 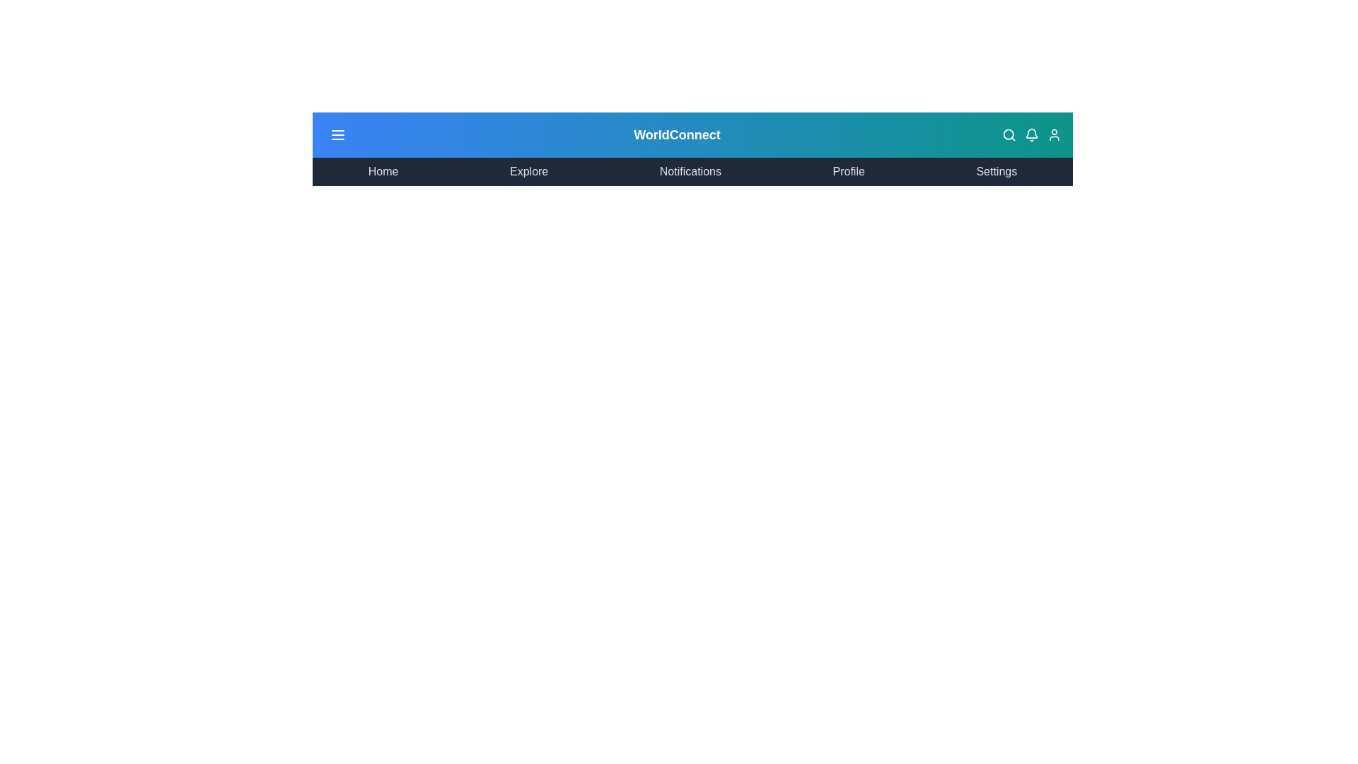 What do you see at coordinates (1032, 135) in the screenshot?
I see `the notifications icon in the top-right corner of the GlobalAppBar` at bounding box center [1032, 135].